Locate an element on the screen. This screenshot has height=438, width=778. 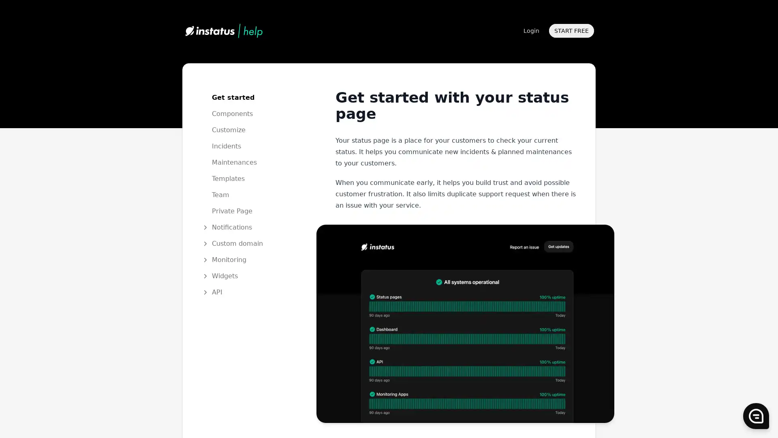
0 Launch Front Chat is located at coordinates (756, 416).